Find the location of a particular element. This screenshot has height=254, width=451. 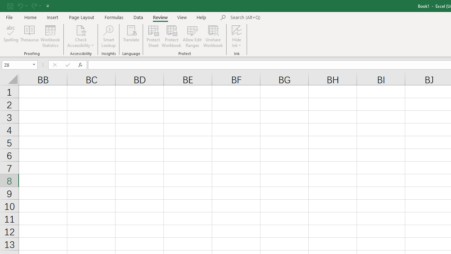

'Check Accessibility' is located at coordinates (81, 36).